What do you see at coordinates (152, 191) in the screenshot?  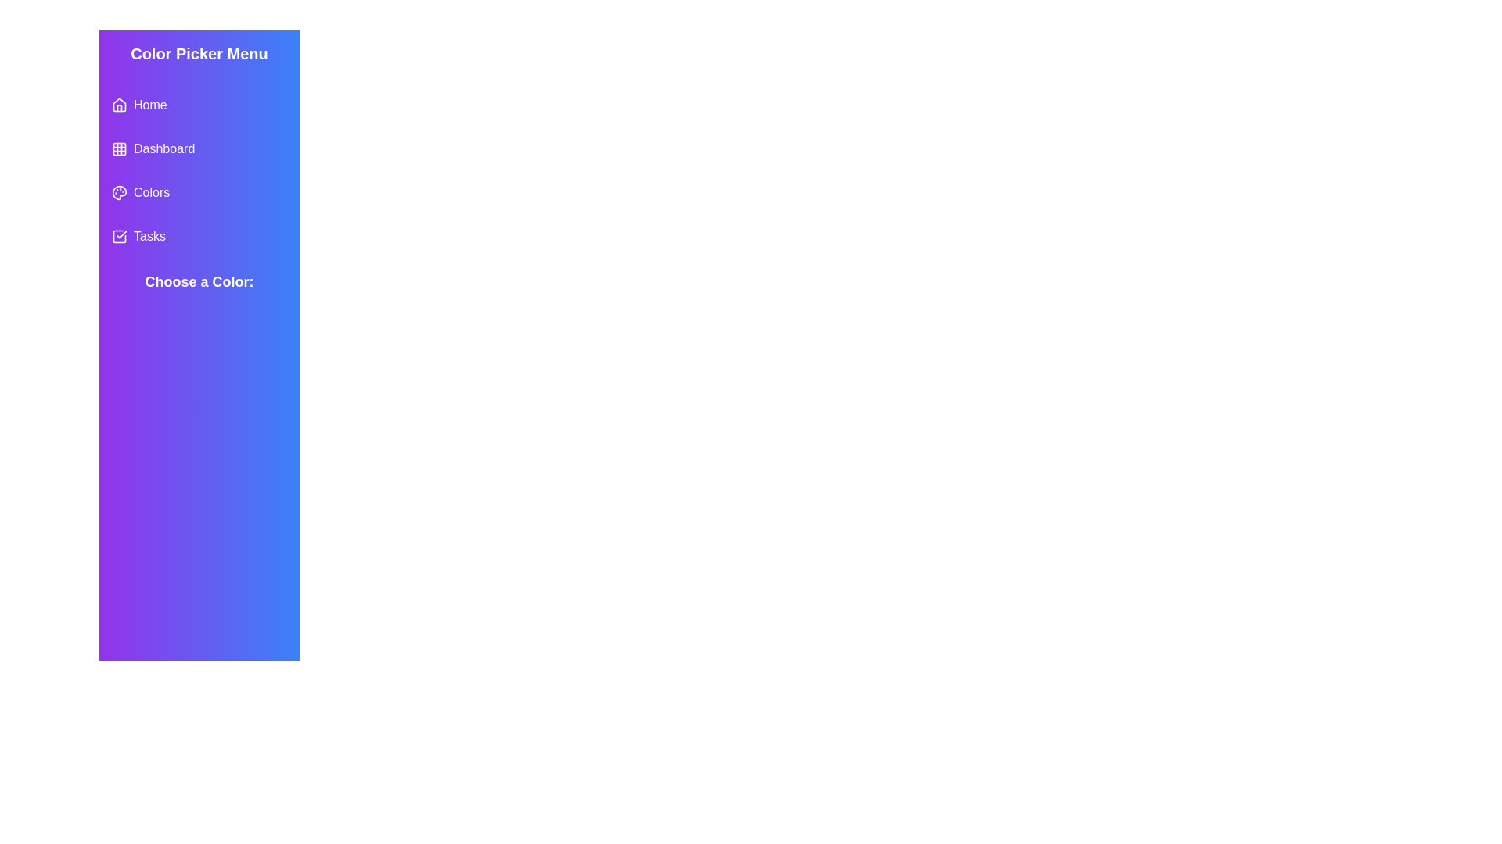 I see `the text label 'Colors' displayed in white font on a purple background within the navigation menu, located to the left of the circular palette icon` at bounding box center [152, 191].